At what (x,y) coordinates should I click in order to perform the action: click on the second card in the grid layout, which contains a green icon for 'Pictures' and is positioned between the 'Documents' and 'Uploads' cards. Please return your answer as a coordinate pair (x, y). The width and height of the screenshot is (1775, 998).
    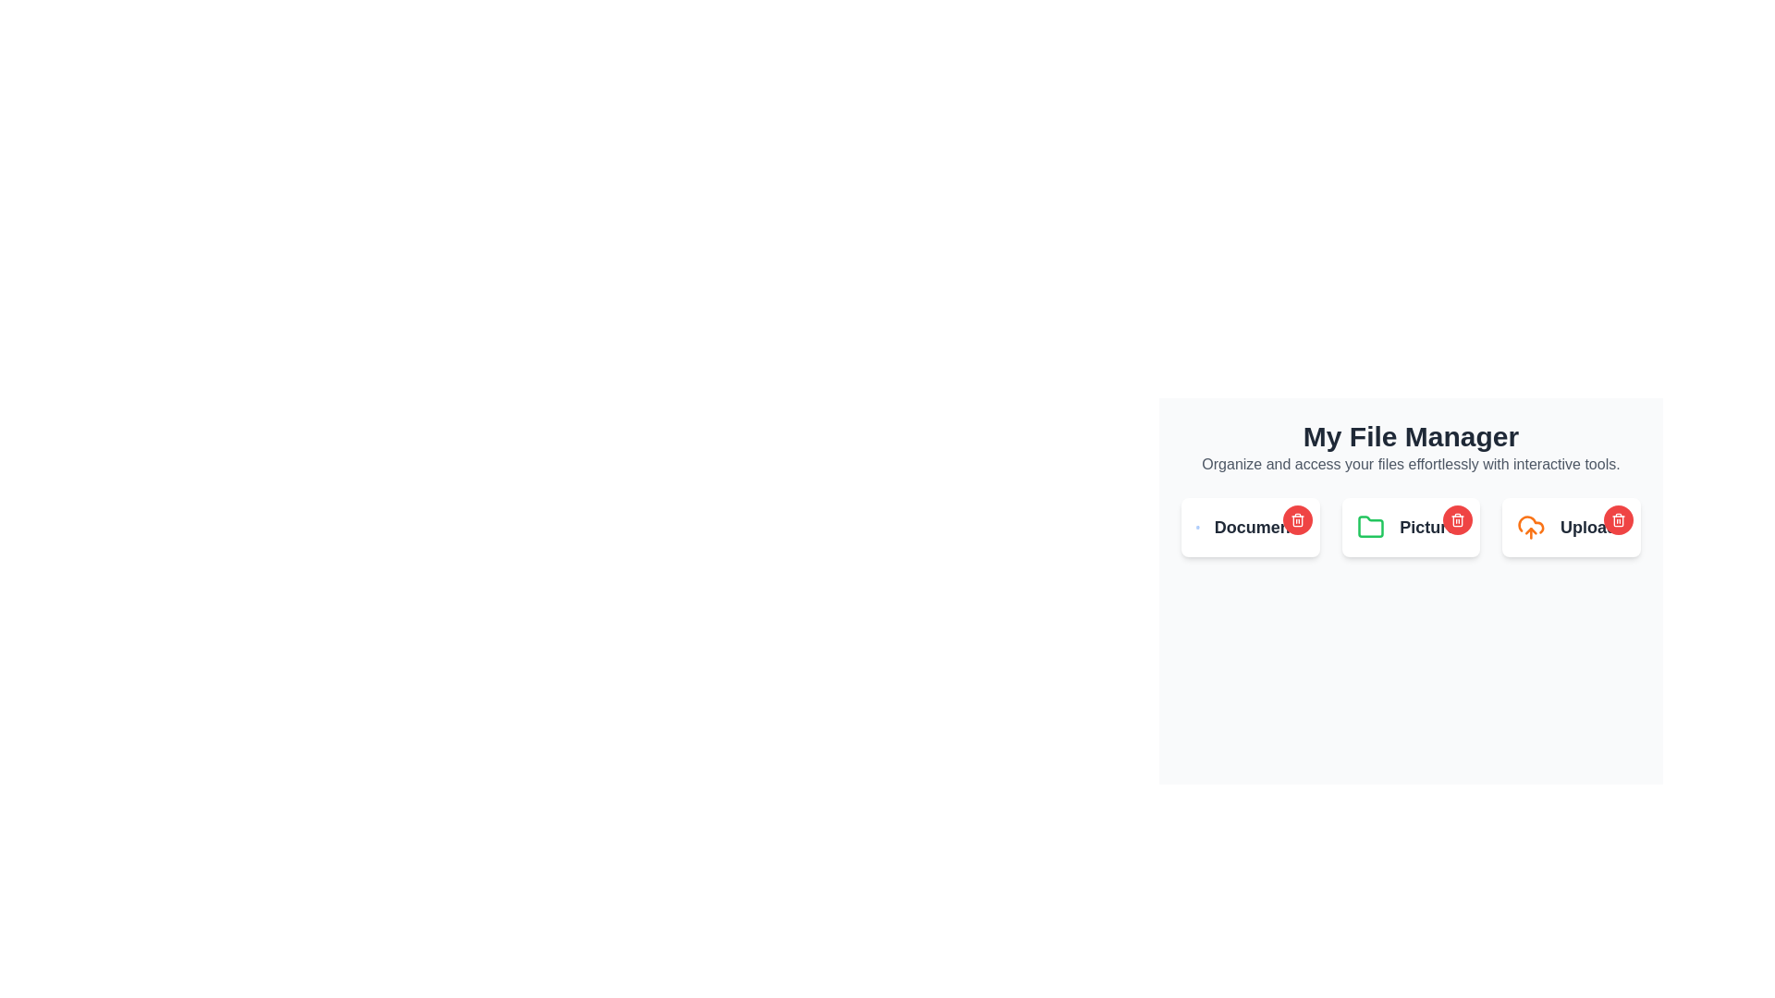
    Looking at the image, I should click on (1410, 527).